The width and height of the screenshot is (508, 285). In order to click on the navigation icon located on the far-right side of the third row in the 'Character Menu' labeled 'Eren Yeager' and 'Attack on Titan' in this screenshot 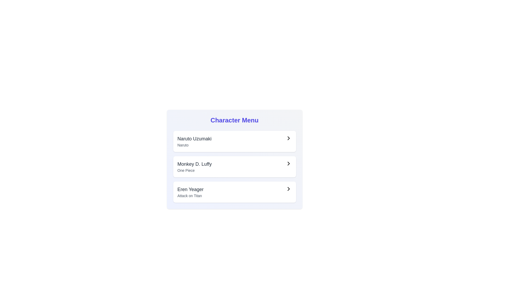, I will do `click(288, 189)`.